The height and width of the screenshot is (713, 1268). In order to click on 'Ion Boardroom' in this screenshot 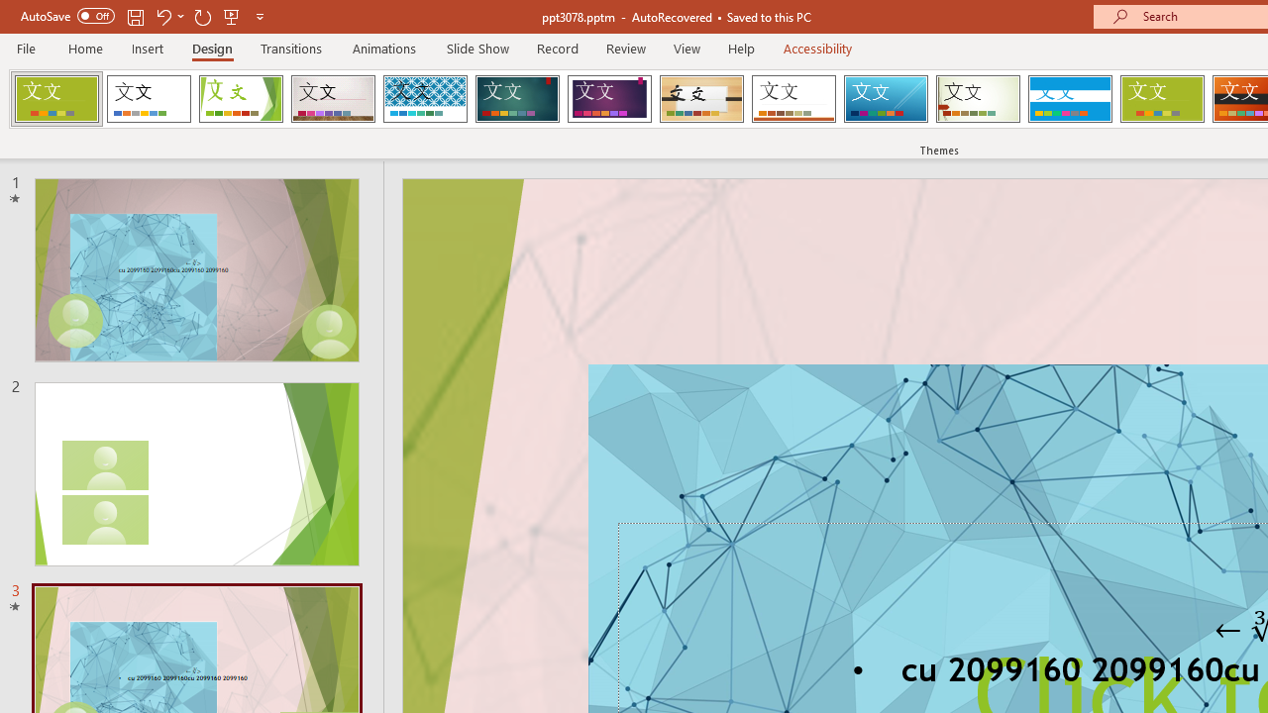, I will do `click(608, 99)`.